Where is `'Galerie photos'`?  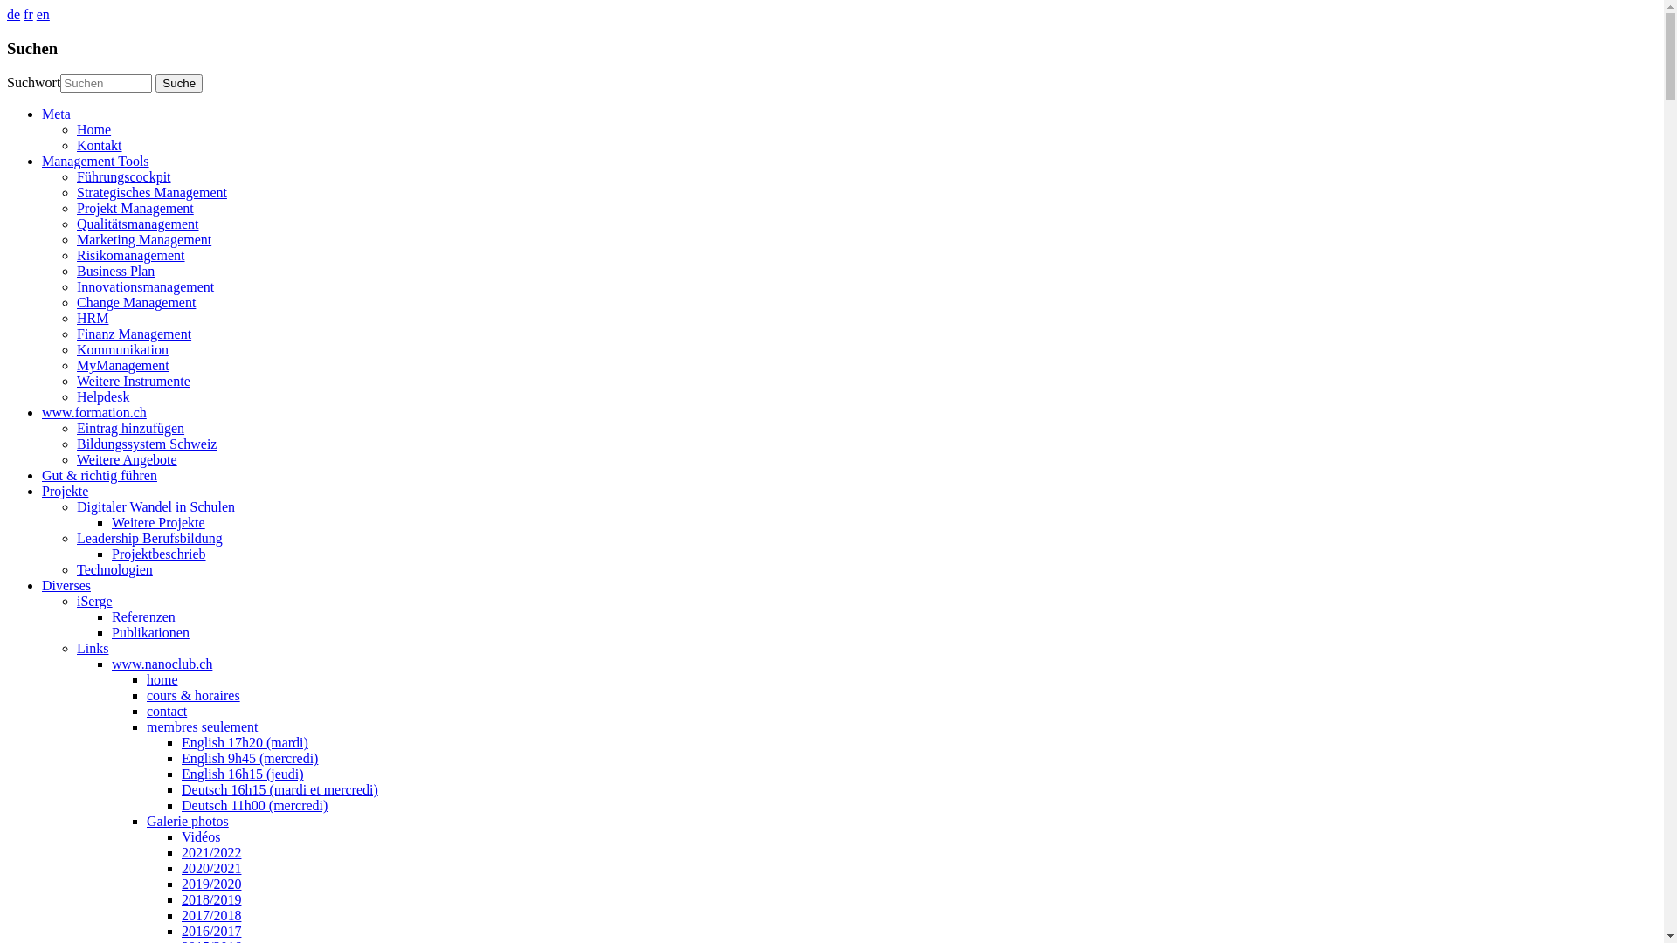
'Galerie photos' is located at coordinates (188, 821).